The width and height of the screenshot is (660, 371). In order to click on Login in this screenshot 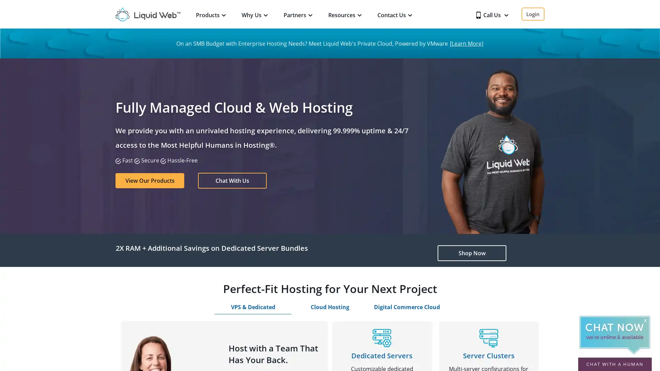, I will do `click(532, 14)`.